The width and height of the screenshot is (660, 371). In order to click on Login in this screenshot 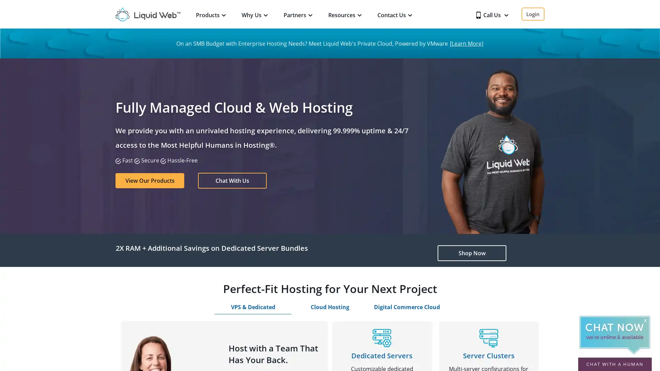, I will do `click(532, 14)`.